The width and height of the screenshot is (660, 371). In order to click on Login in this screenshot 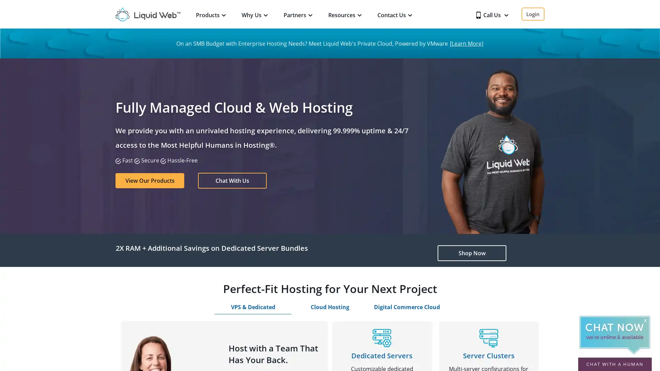, I will do `click(532, 14)`.